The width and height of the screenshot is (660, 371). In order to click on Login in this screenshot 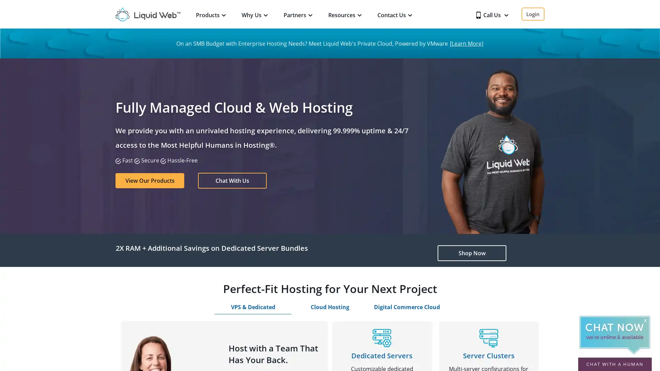, I will do `click(532, 14)`.